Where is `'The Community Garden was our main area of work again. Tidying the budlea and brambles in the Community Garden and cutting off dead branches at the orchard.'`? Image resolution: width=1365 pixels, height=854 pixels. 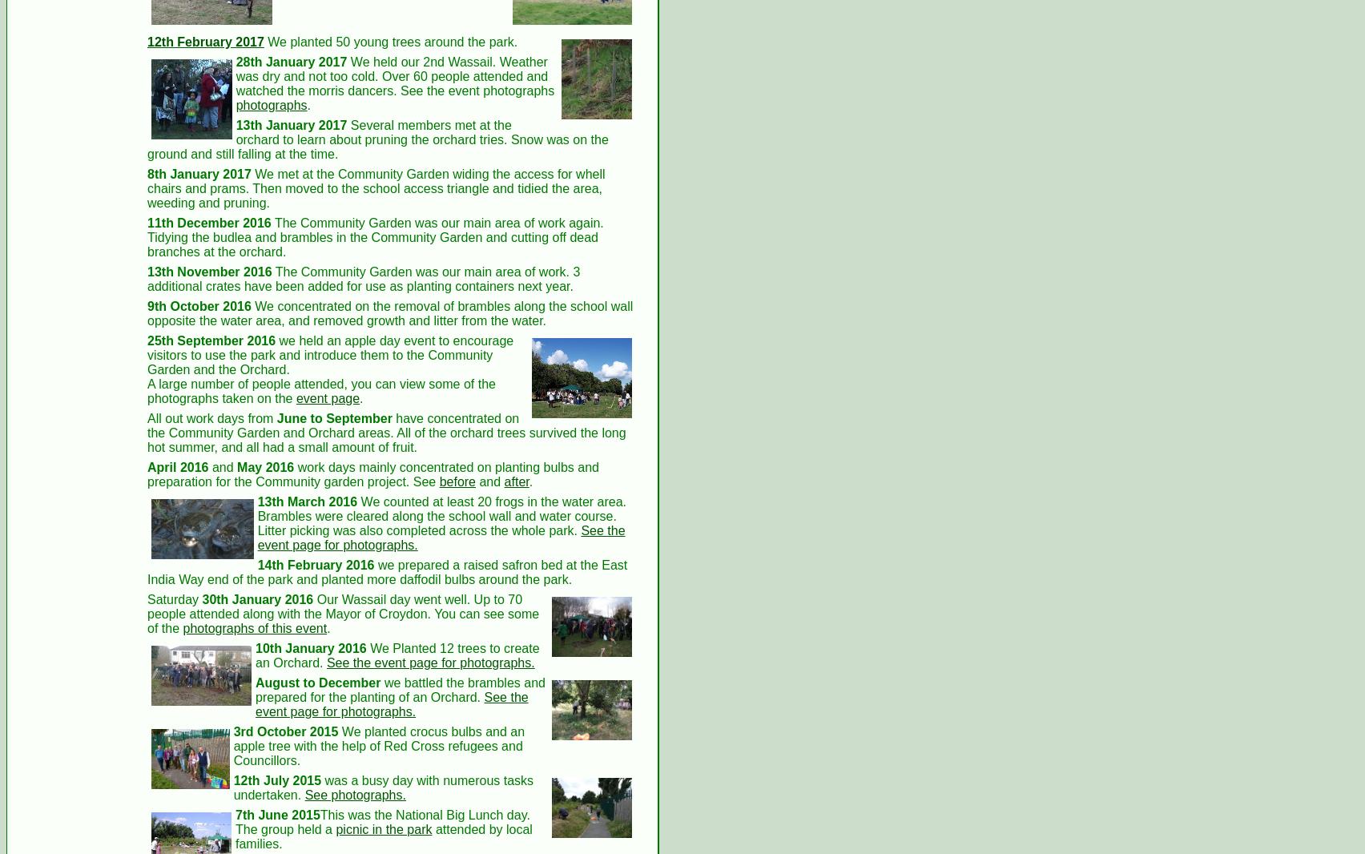
'The Community Garden was our main area of work again. Tidying the budlea and brambles in the Community Garden and cutting off dead branches at the orchard.' is located at coordinates (147, 236).